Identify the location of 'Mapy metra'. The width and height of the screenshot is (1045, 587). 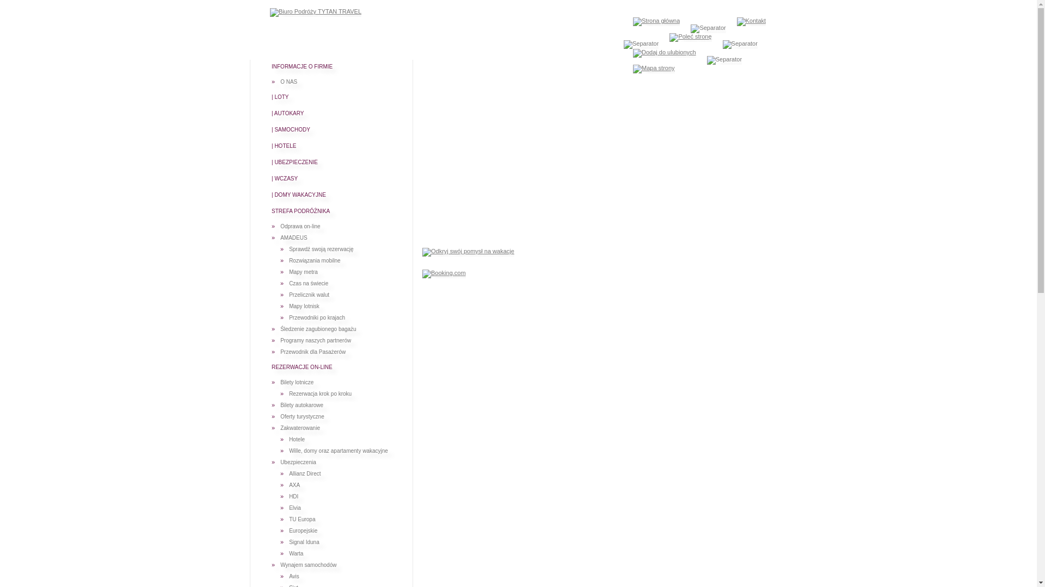
(303, 272).